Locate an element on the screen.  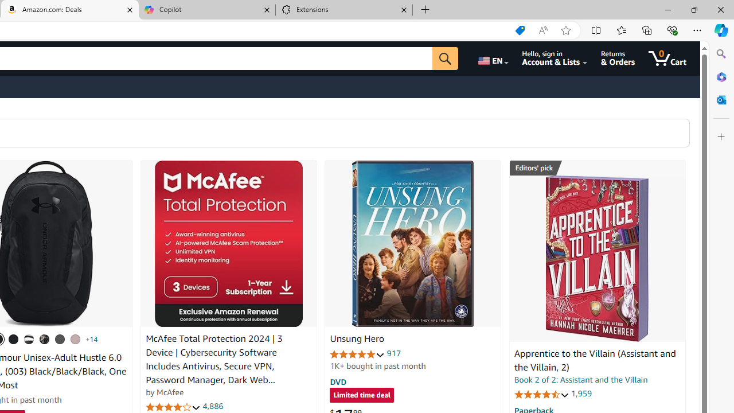
'4.6 out of 5 stars' is located at coordinates (541, 393).